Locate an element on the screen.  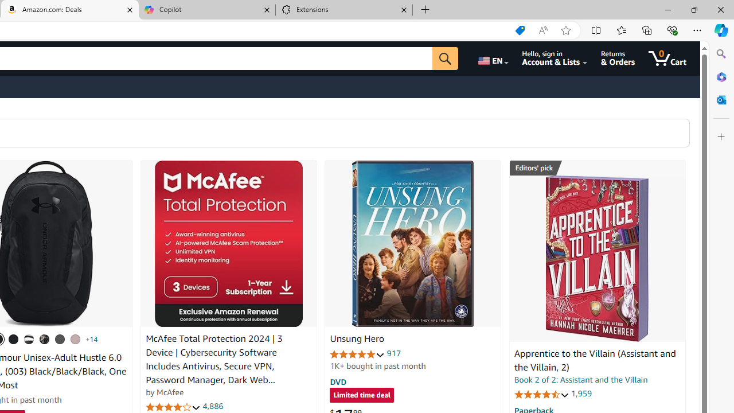
'4.6 out of 5 stars' is located at coordinates (541, 393).